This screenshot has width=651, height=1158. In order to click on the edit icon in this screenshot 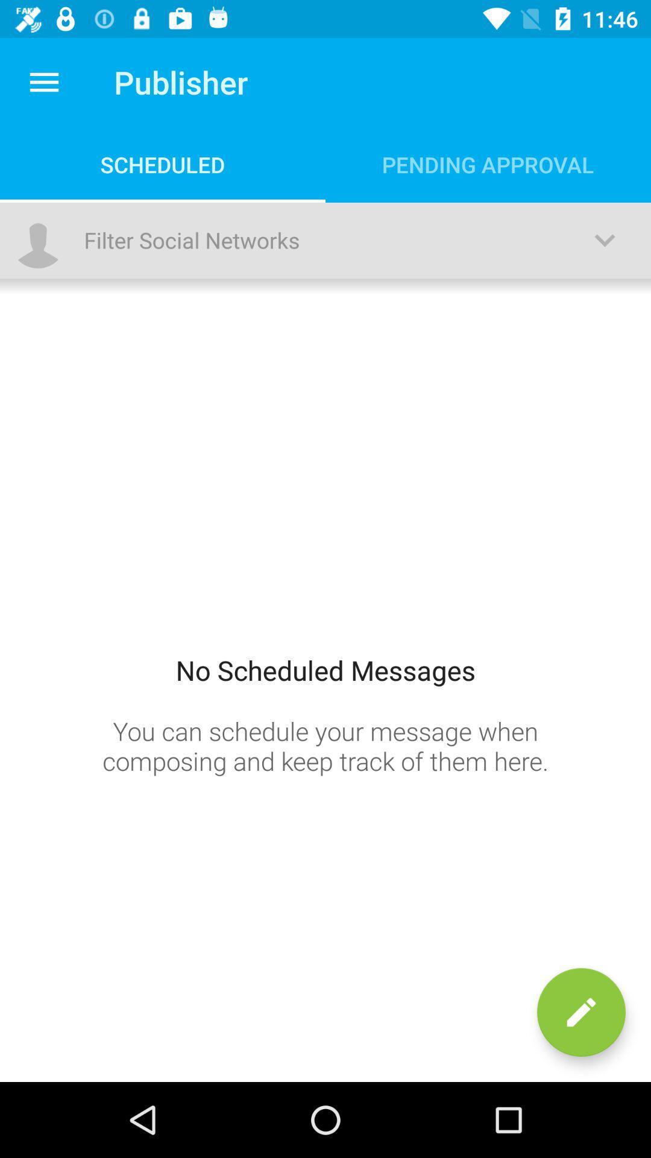, I will do `click(580, 1012)`.